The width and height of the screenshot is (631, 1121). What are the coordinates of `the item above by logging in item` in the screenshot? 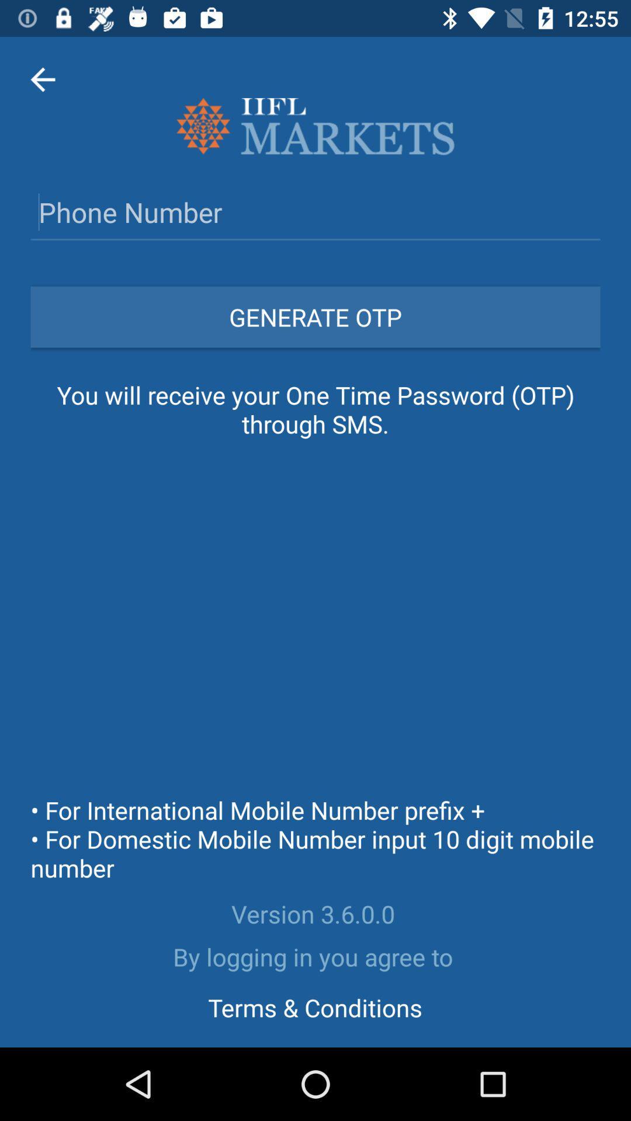 It's located at (315, 913).